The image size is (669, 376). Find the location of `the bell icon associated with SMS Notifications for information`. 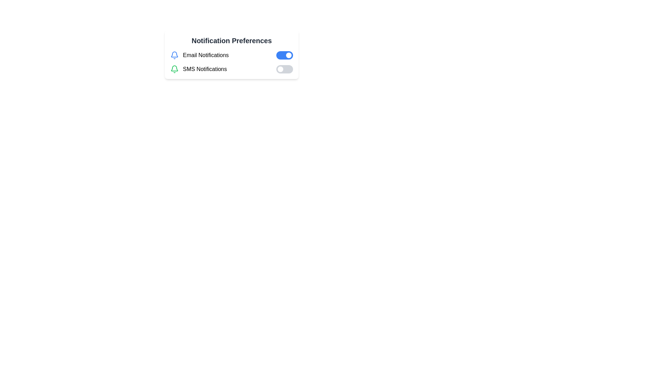

the bell icon associated with SMS Notifications for information is located at coordinates (174, 69).